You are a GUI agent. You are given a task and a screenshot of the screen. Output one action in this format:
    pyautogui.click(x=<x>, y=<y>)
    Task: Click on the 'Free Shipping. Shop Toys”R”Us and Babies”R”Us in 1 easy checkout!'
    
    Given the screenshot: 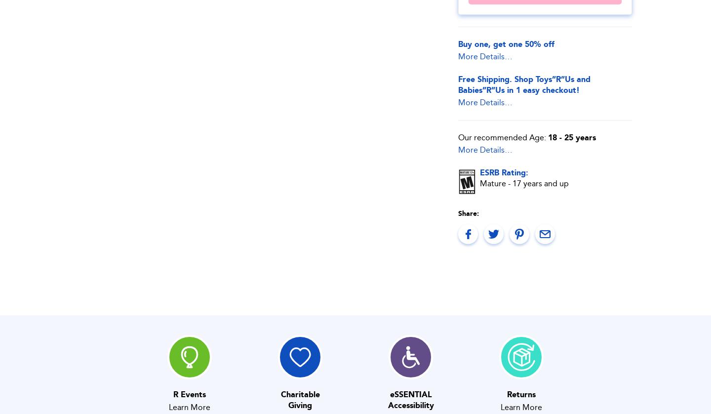 What is the action you would take?
    pyautogui.click(x=524, y=84)
    